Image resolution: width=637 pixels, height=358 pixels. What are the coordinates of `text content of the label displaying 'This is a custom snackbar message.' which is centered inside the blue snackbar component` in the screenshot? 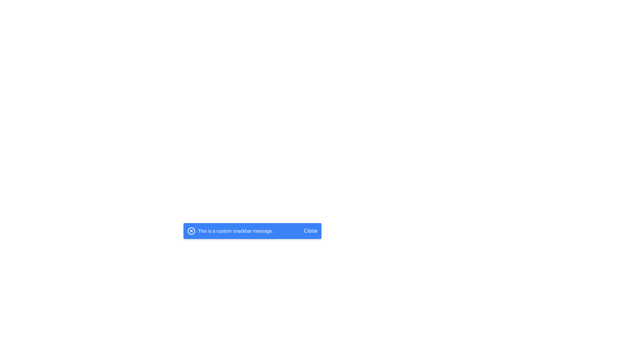 It's located at (236, 231).